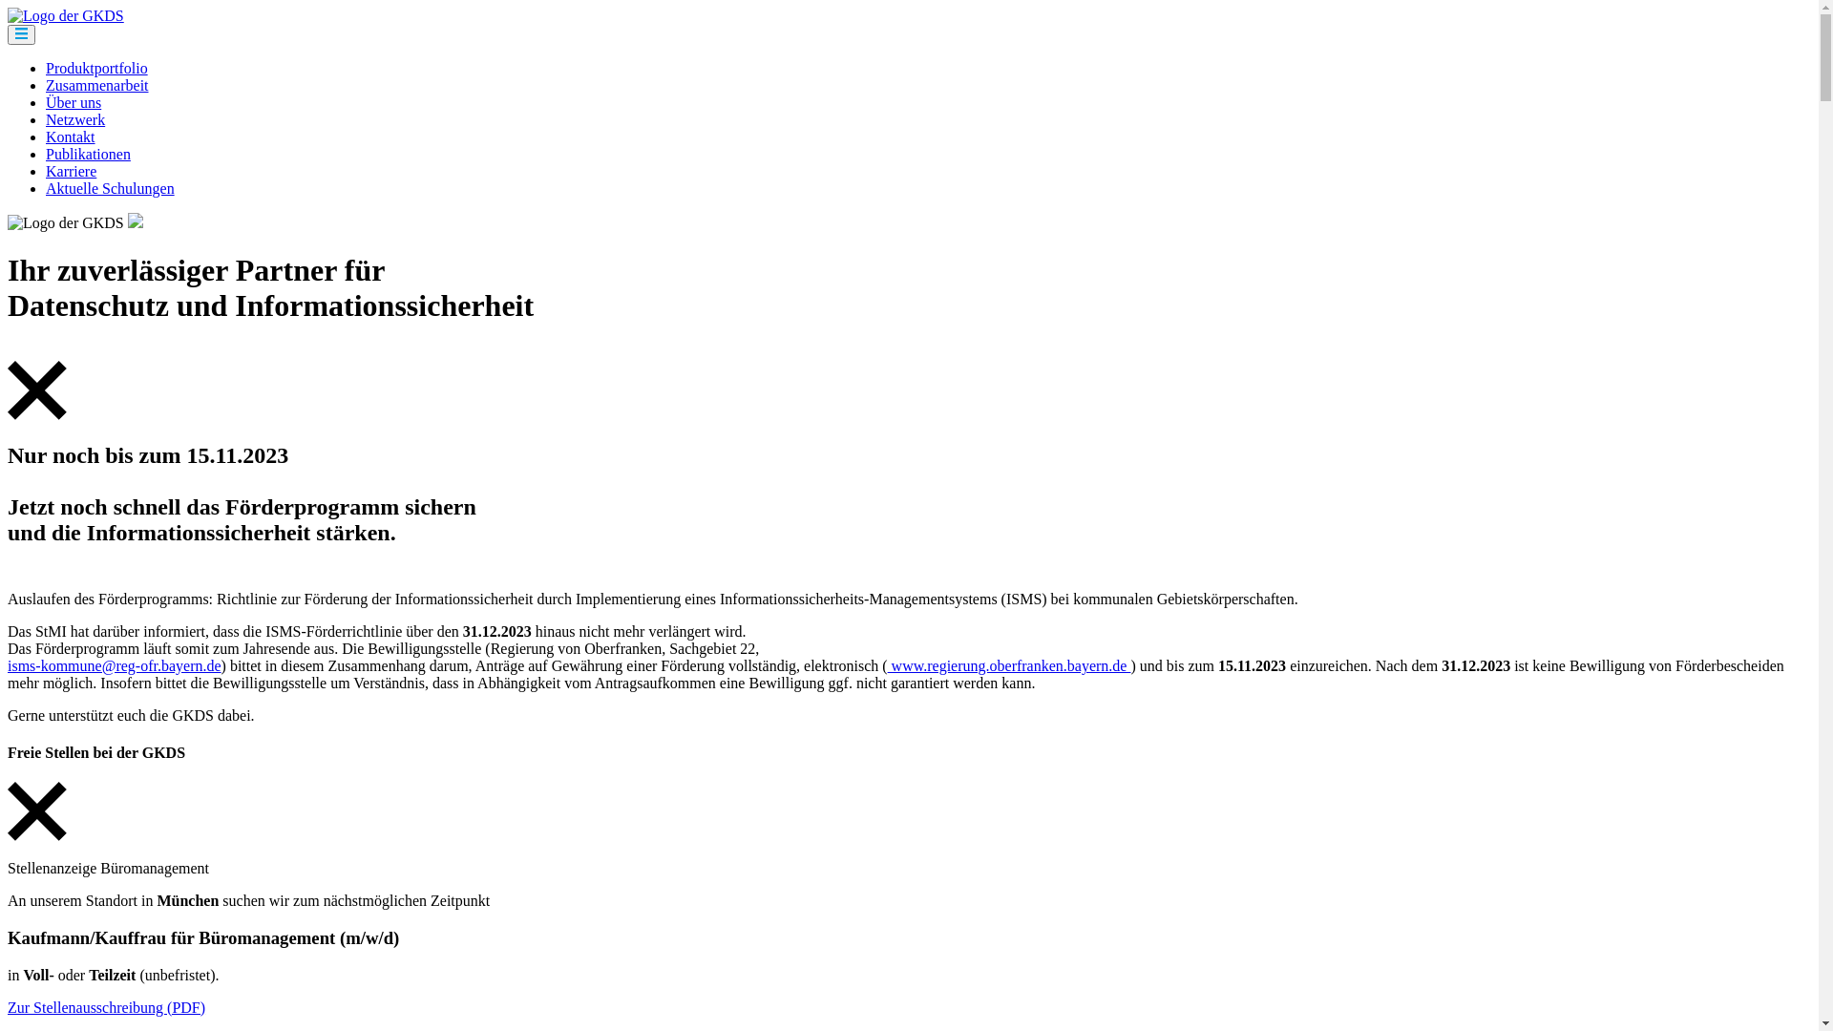 The width and height of the screenshot is (1833, 1031). What do you see at coordinates (87, 153) in the screenshot?
I see `'Publikationen'` at bounding box center [87, 153].